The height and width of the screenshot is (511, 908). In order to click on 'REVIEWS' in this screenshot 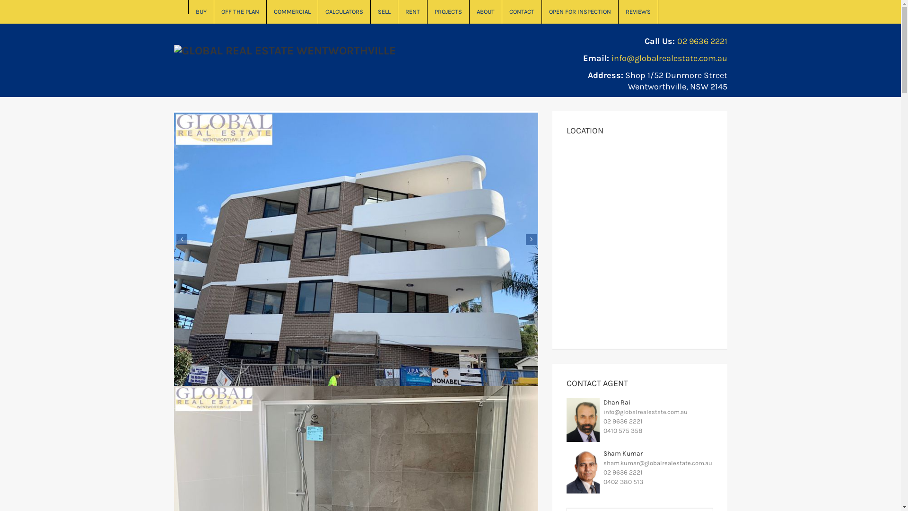, I will do `click(638, 11)`.